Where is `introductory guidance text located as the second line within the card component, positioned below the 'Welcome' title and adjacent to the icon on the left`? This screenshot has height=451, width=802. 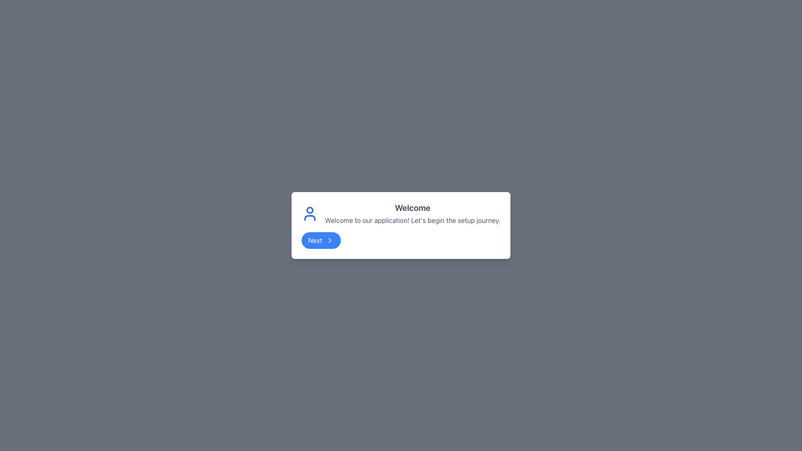
introductory guidance text located as the second line within the card component, positioned below the 'Welcome' title and adjacent to the icon on the left is located at coordinates (413, 220).